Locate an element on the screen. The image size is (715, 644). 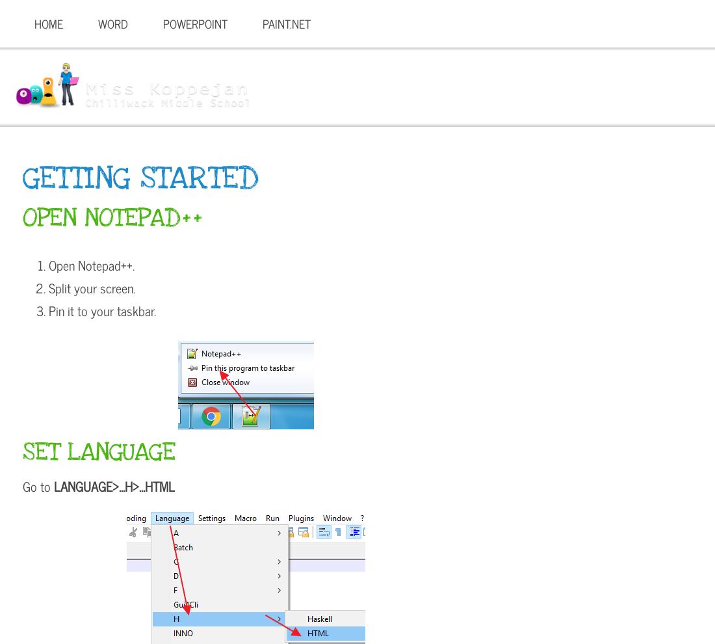
'Split your screen.' is located at coordinates (91, 287).